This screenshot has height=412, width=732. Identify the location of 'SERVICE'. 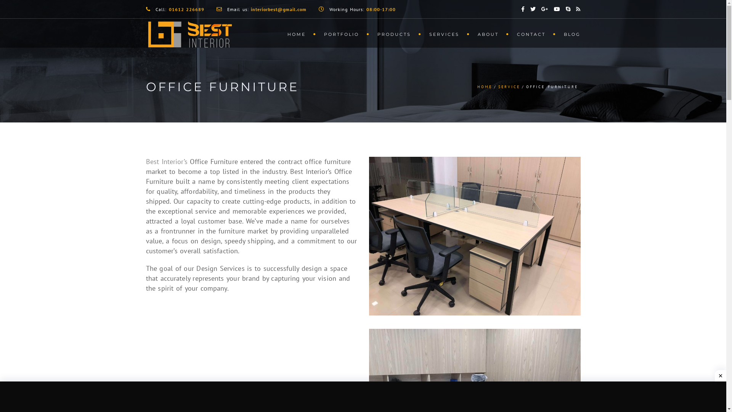
(509, 86).